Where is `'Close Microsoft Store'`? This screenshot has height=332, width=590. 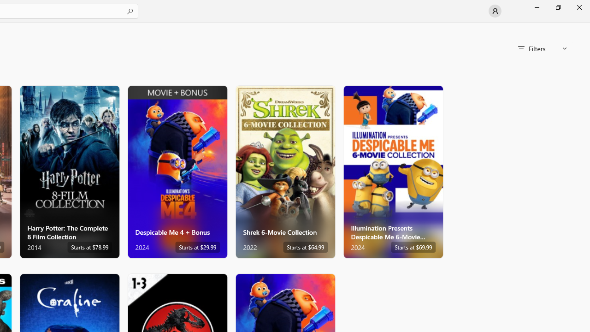
'Close Microsoft Store' is located at coordinates (578, 7).